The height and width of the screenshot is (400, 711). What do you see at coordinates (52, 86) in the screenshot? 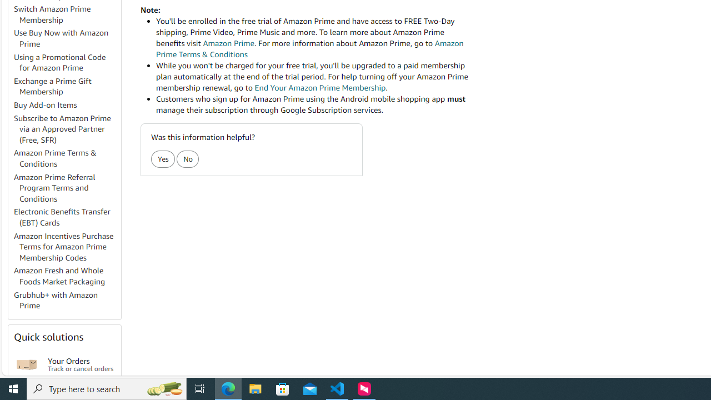
I see `'Exchange a Prime Gift Membership'` at bounding box center [52, 86].